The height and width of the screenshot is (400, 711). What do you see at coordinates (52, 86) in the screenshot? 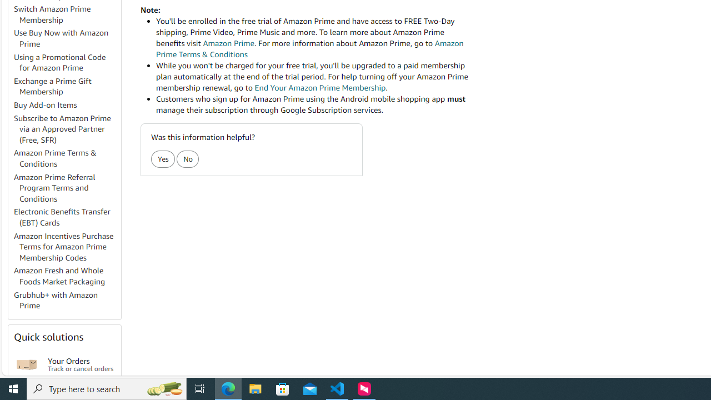
I see `'Exchange a Prime Gift Membership'` at bounding box center [52, 86].